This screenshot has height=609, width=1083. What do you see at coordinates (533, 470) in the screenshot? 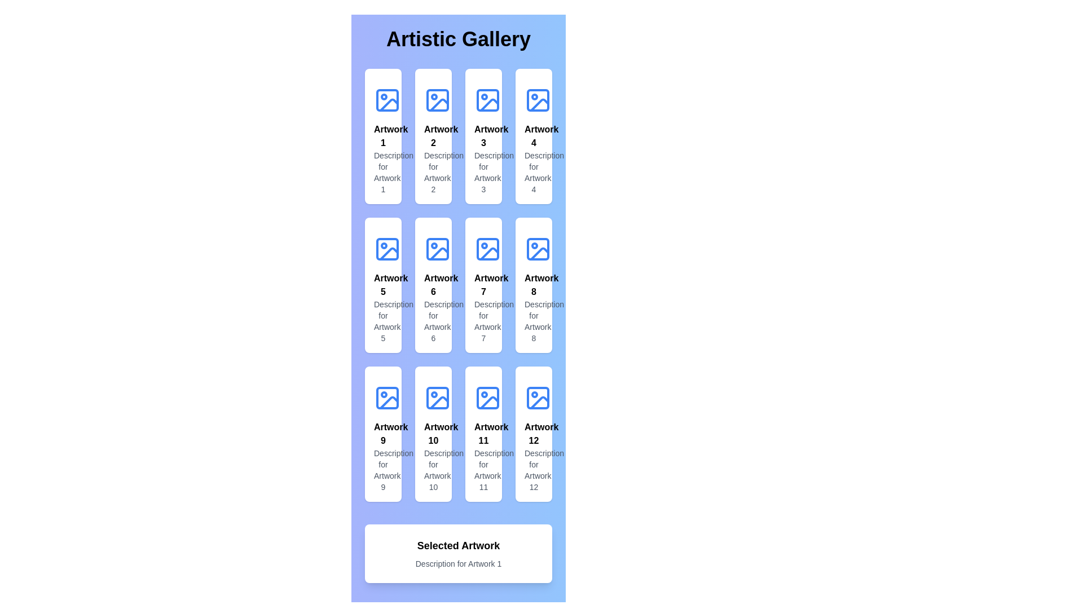
I see `the descriptive label for the 'Artwork 12' card, which is positioned below the bold text 'Artwork 12' in the second column of the last row of the grid layout` at bounding box center [533, 470].